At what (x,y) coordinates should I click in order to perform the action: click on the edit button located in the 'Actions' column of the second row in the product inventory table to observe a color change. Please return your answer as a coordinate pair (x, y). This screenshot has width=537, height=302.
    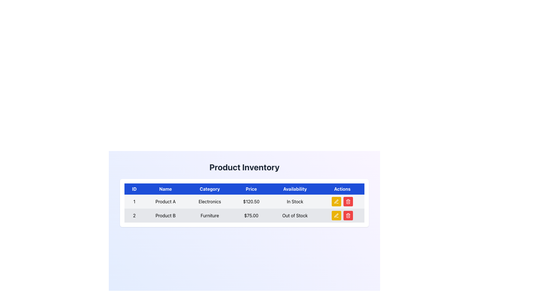
    Looking at the image, I should click on (336, 215).